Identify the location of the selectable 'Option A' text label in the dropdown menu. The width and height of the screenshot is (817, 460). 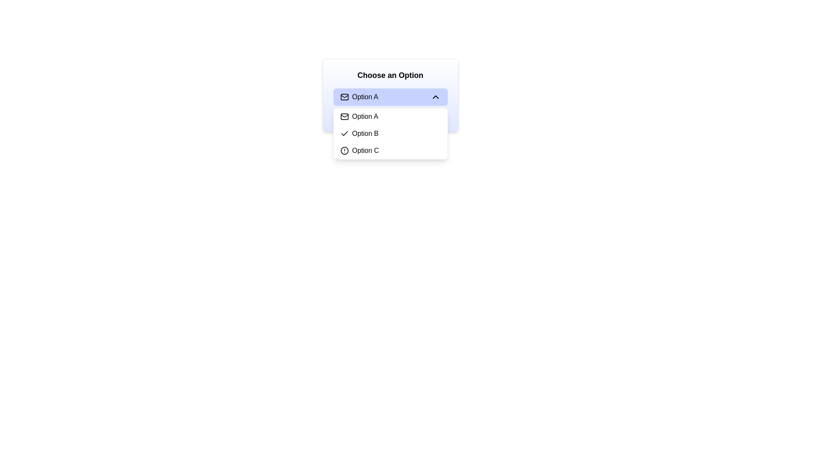
(365, 116).